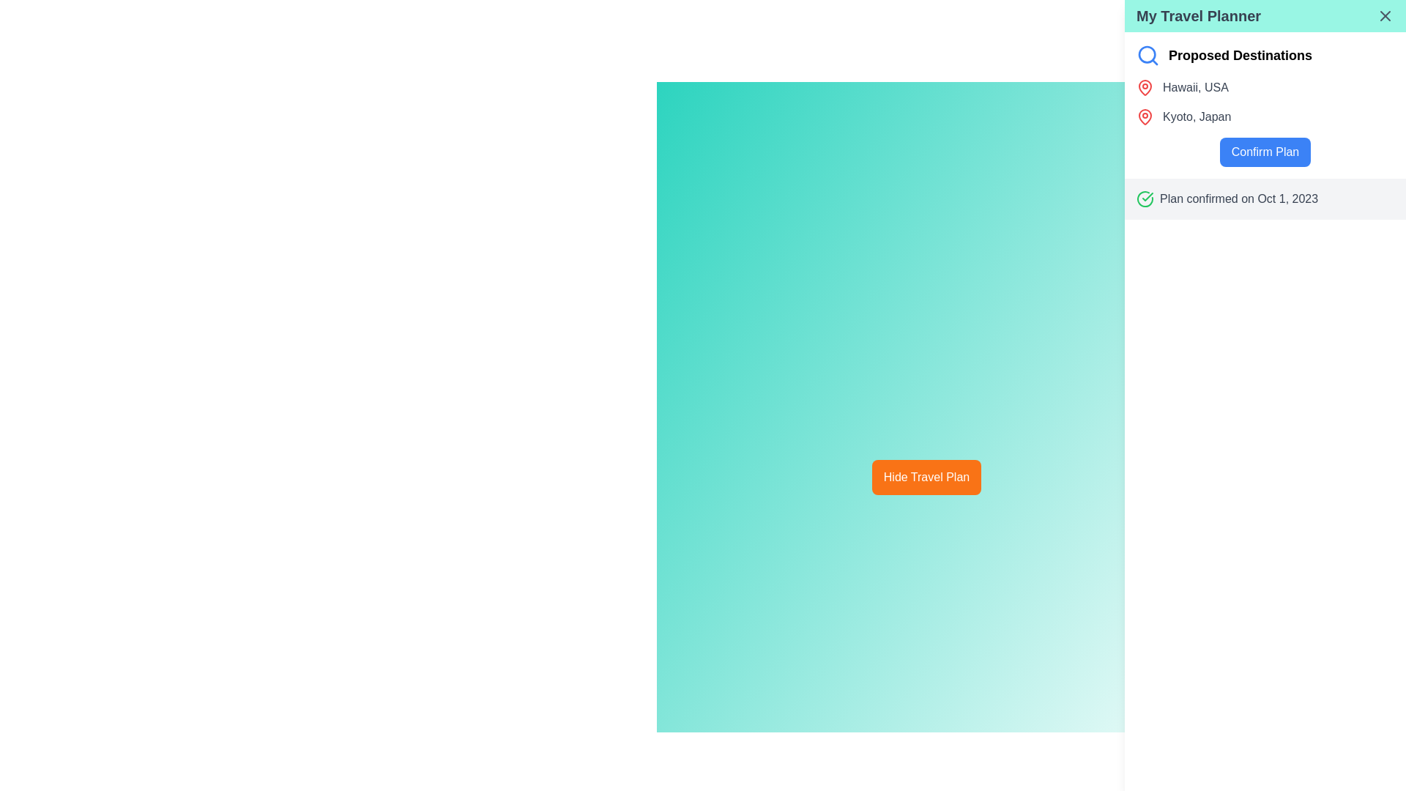  What do you see at coordinates (1145, 115) in the screenshot?
I see `the geographical location icon representing Kyoto, Japan, located in the right panel under 'My Travel Planner'` at bounding box center [1145, 115].